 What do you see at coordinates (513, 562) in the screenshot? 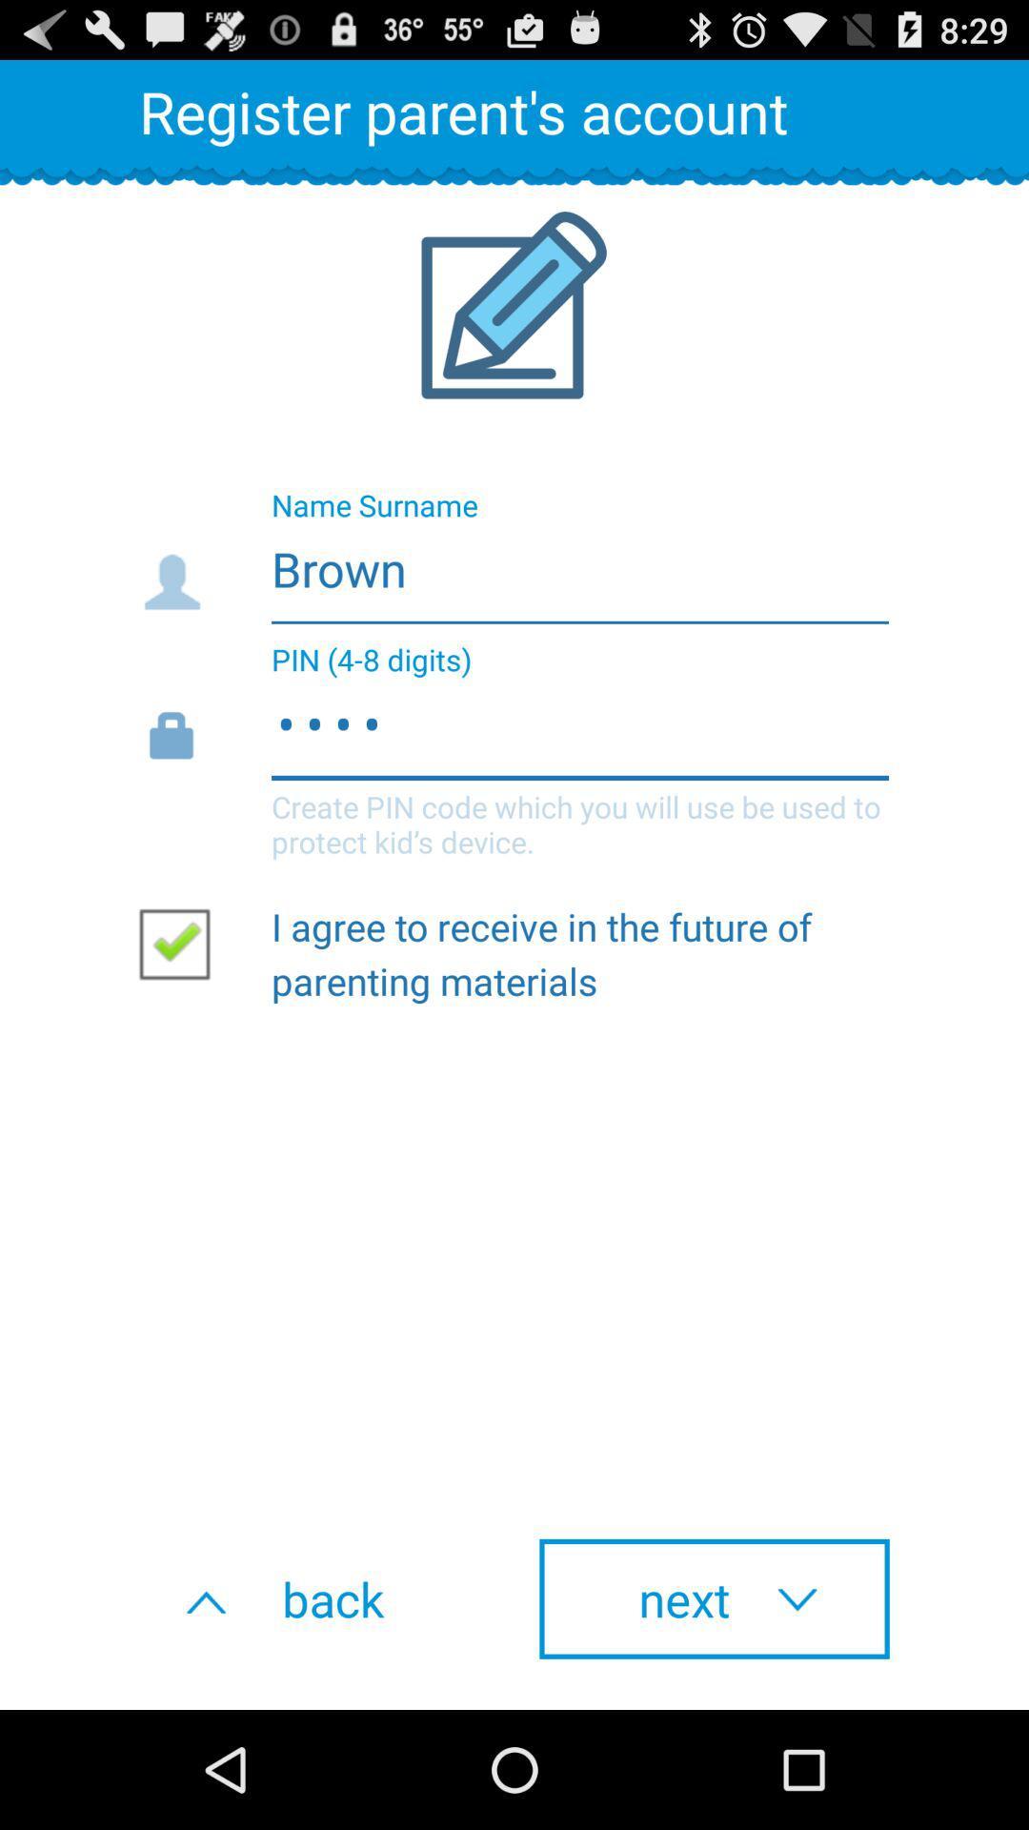
I see `brown icon` at bounding box center [513, 562].